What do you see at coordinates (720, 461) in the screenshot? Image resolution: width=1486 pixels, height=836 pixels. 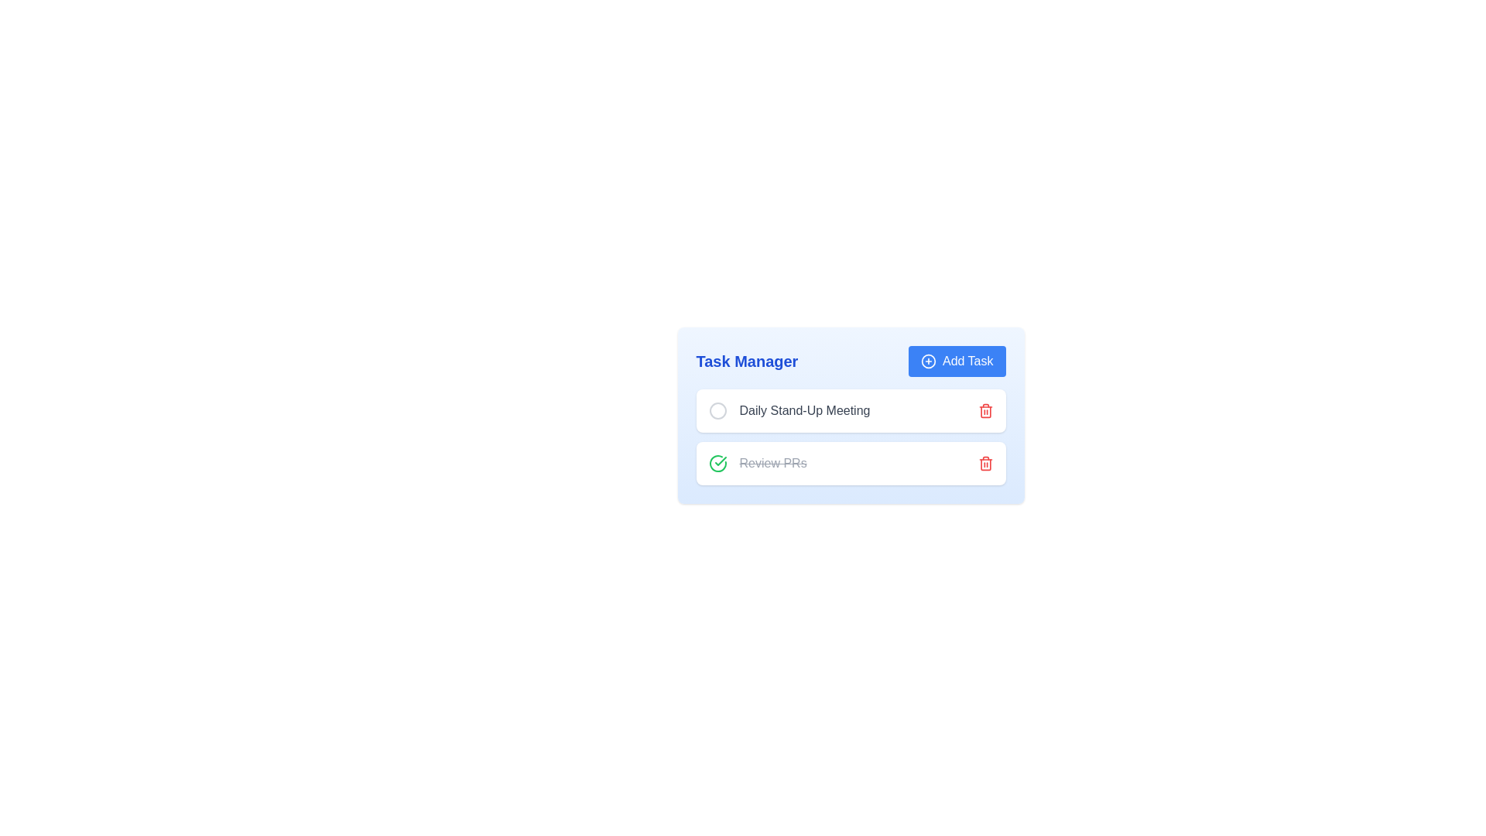 I see `the visual state of the checkmark icon, which is green and indicates task completion, located inside a circular outline and positioned to the left of the 'Review PRs' text in the task list` at bounding box center [720, 461].